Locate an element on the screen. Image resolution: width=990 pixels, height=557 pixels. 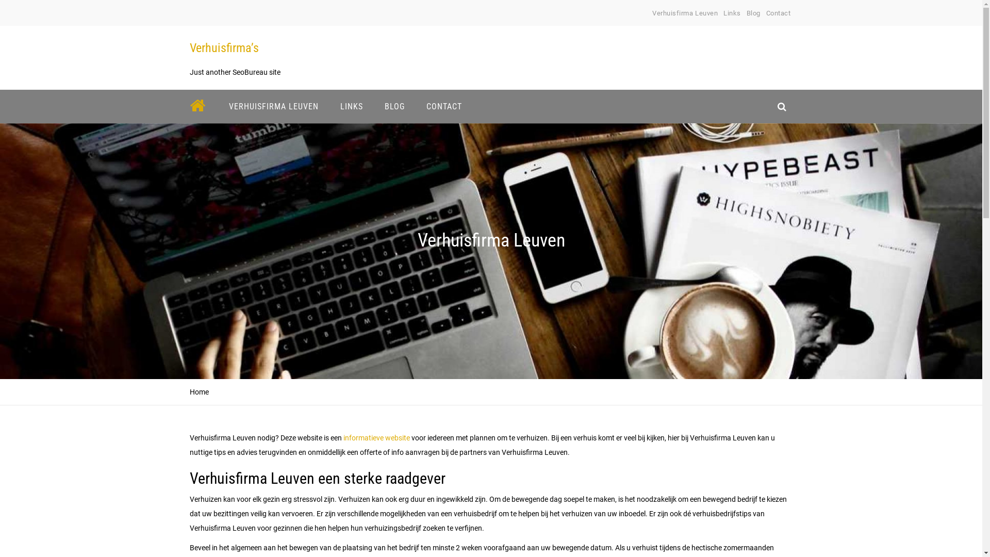
'CONTACT' is located at coordinates (444, 106).